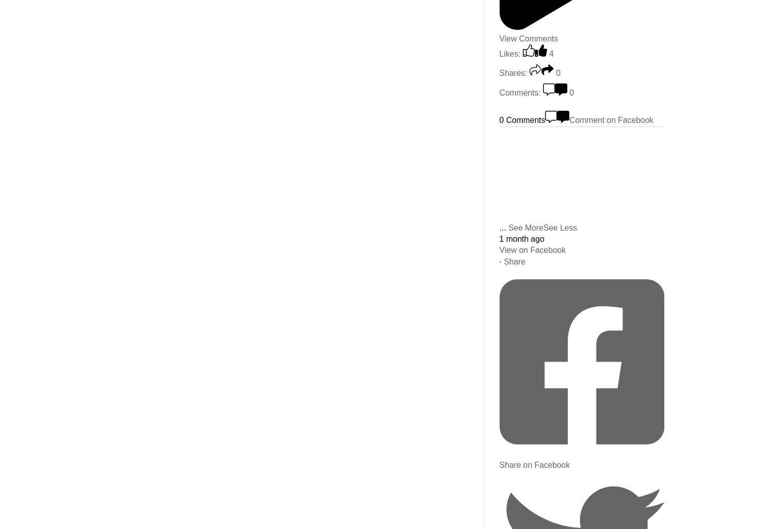 The height and width of the screenshot is (529, 783). Describe the element at coordinates (498, 239) in the screenshot. I see `'1 month ago'` at that location.